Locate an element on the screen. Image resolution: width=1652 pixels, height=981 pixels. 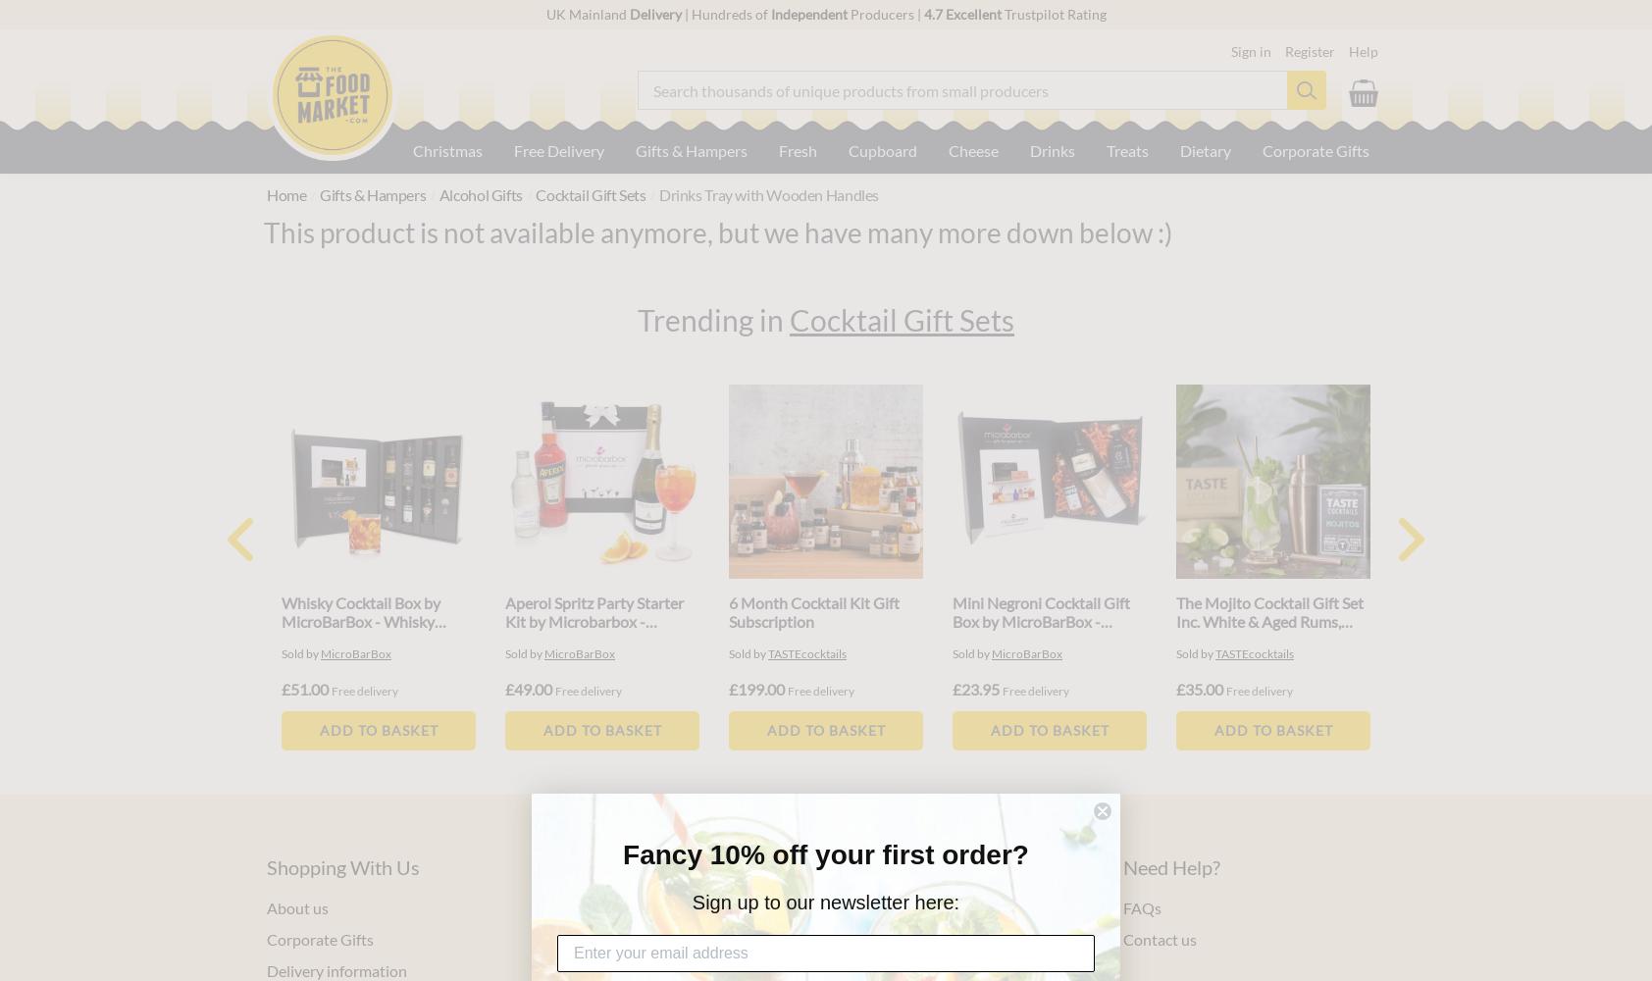
'Treats' is located at coordinates (1127, 150).